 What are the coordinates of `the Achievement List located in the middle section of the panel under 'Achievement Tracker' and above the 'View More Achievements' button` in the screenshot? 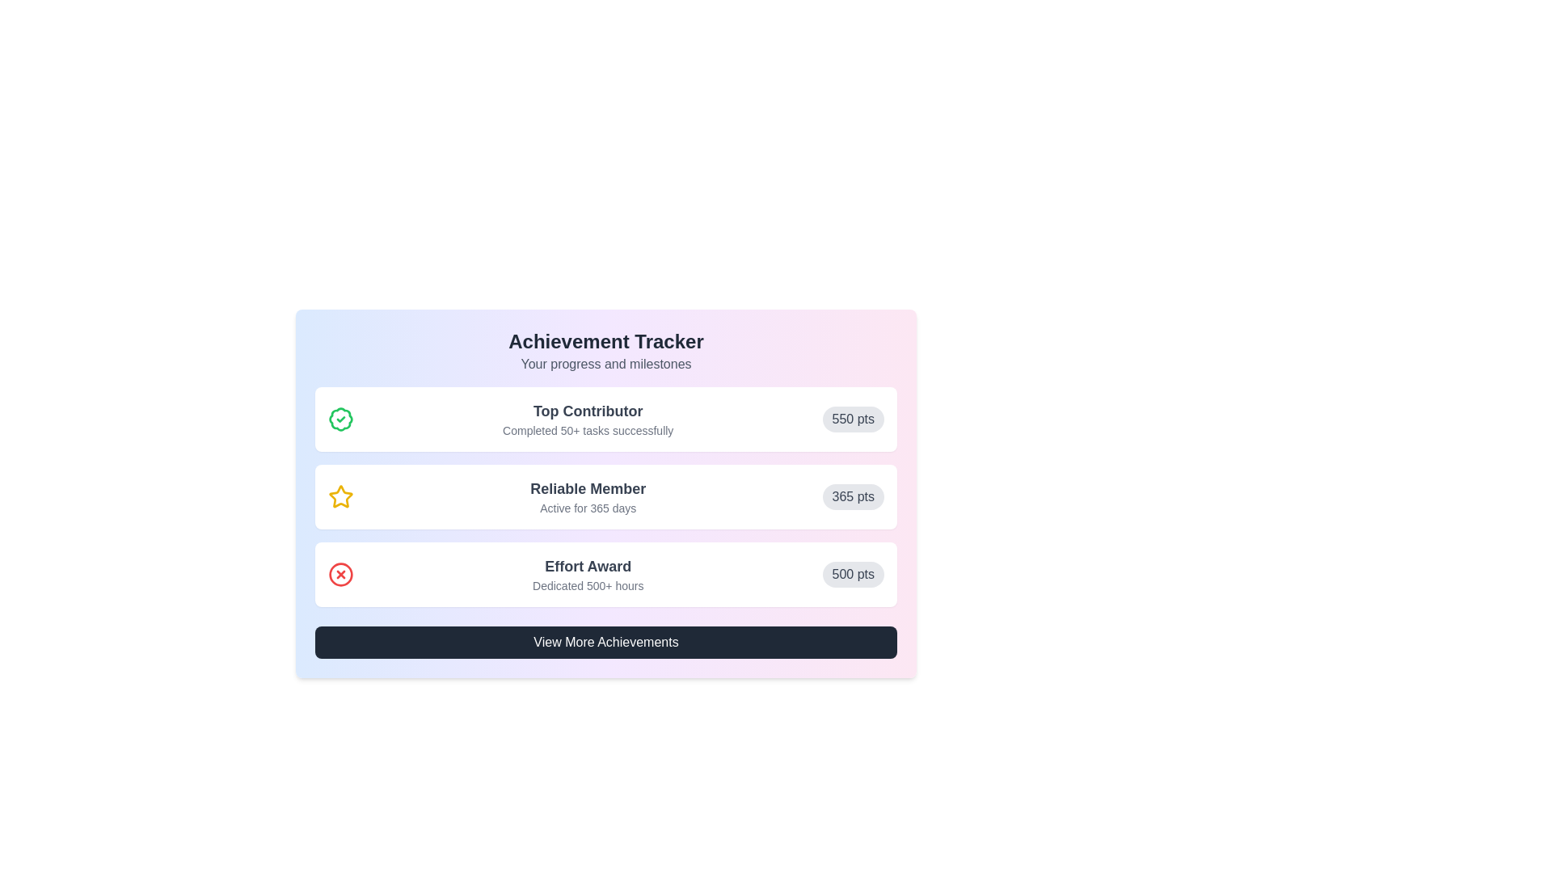 It's located at (605, 496).